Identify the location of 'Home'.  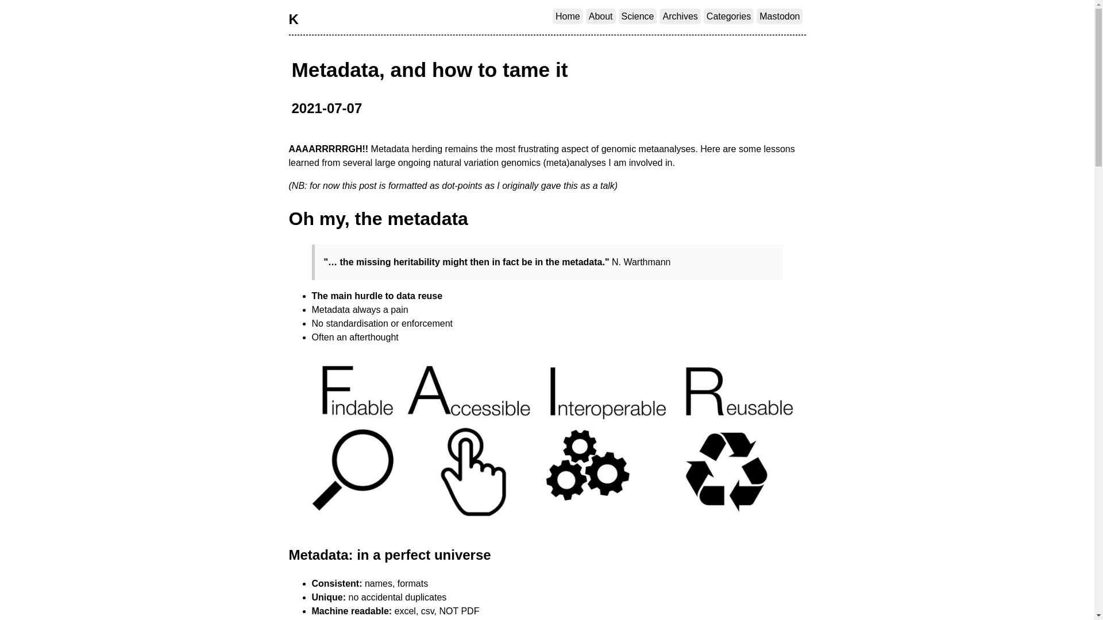
(568, 16).